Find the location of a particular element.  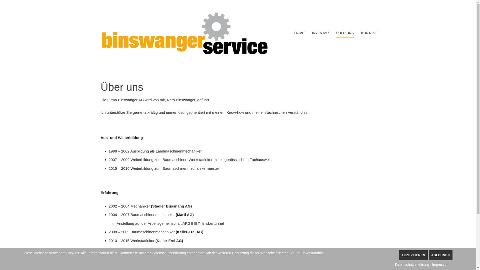

'AKZEPTIEREN' is located at coordinates (413, 255).